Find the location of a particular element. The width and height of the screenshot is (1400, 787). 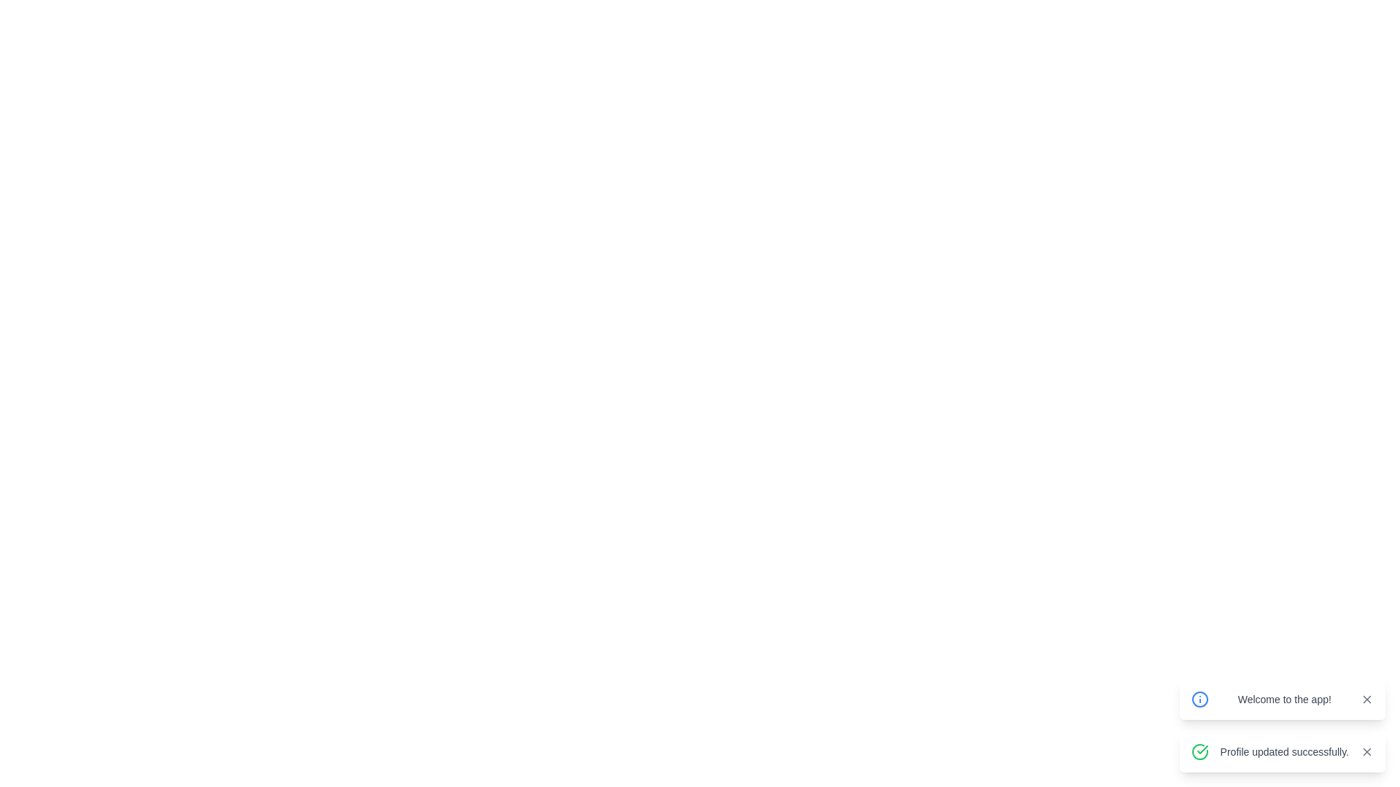

the close button located at the top-right corner of the notification message that reads 'Welcome to the app!' is located at coordinates (1366, 699).